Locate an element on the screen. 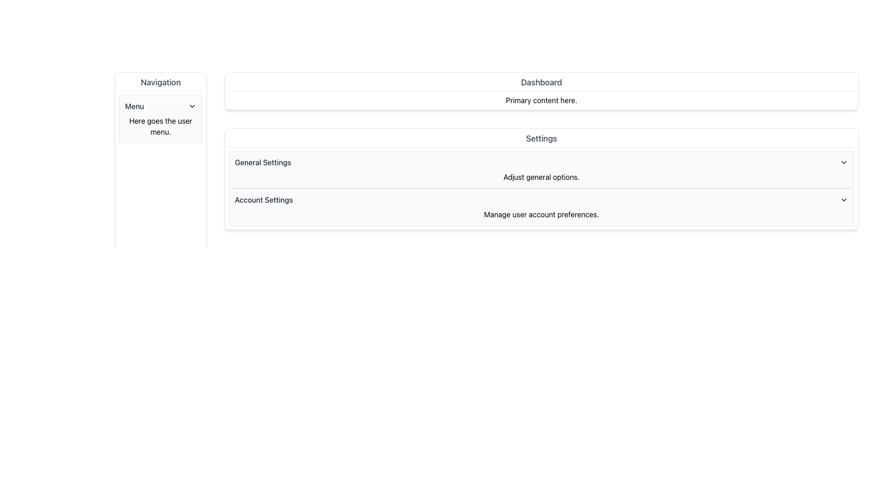 This screenshot has width=877, height=493. 'Settings' label, which is a section header styled with a large font size, bold typography, and gray color, positioned above the 'General Settings' and 'Account Settings' sections is located at coordinates (541, 140).